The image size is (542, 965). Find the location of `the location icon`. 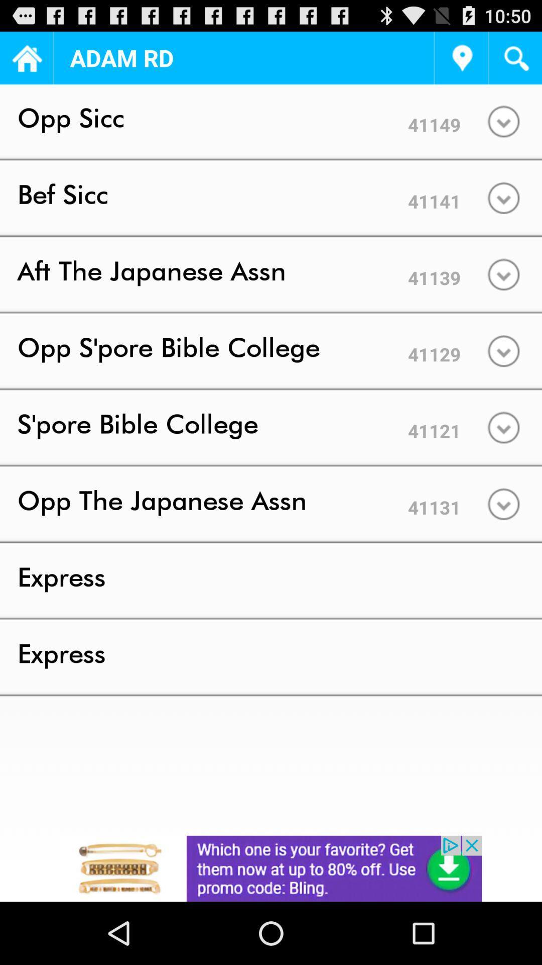

the location icon is located at coordinates (461, 61).